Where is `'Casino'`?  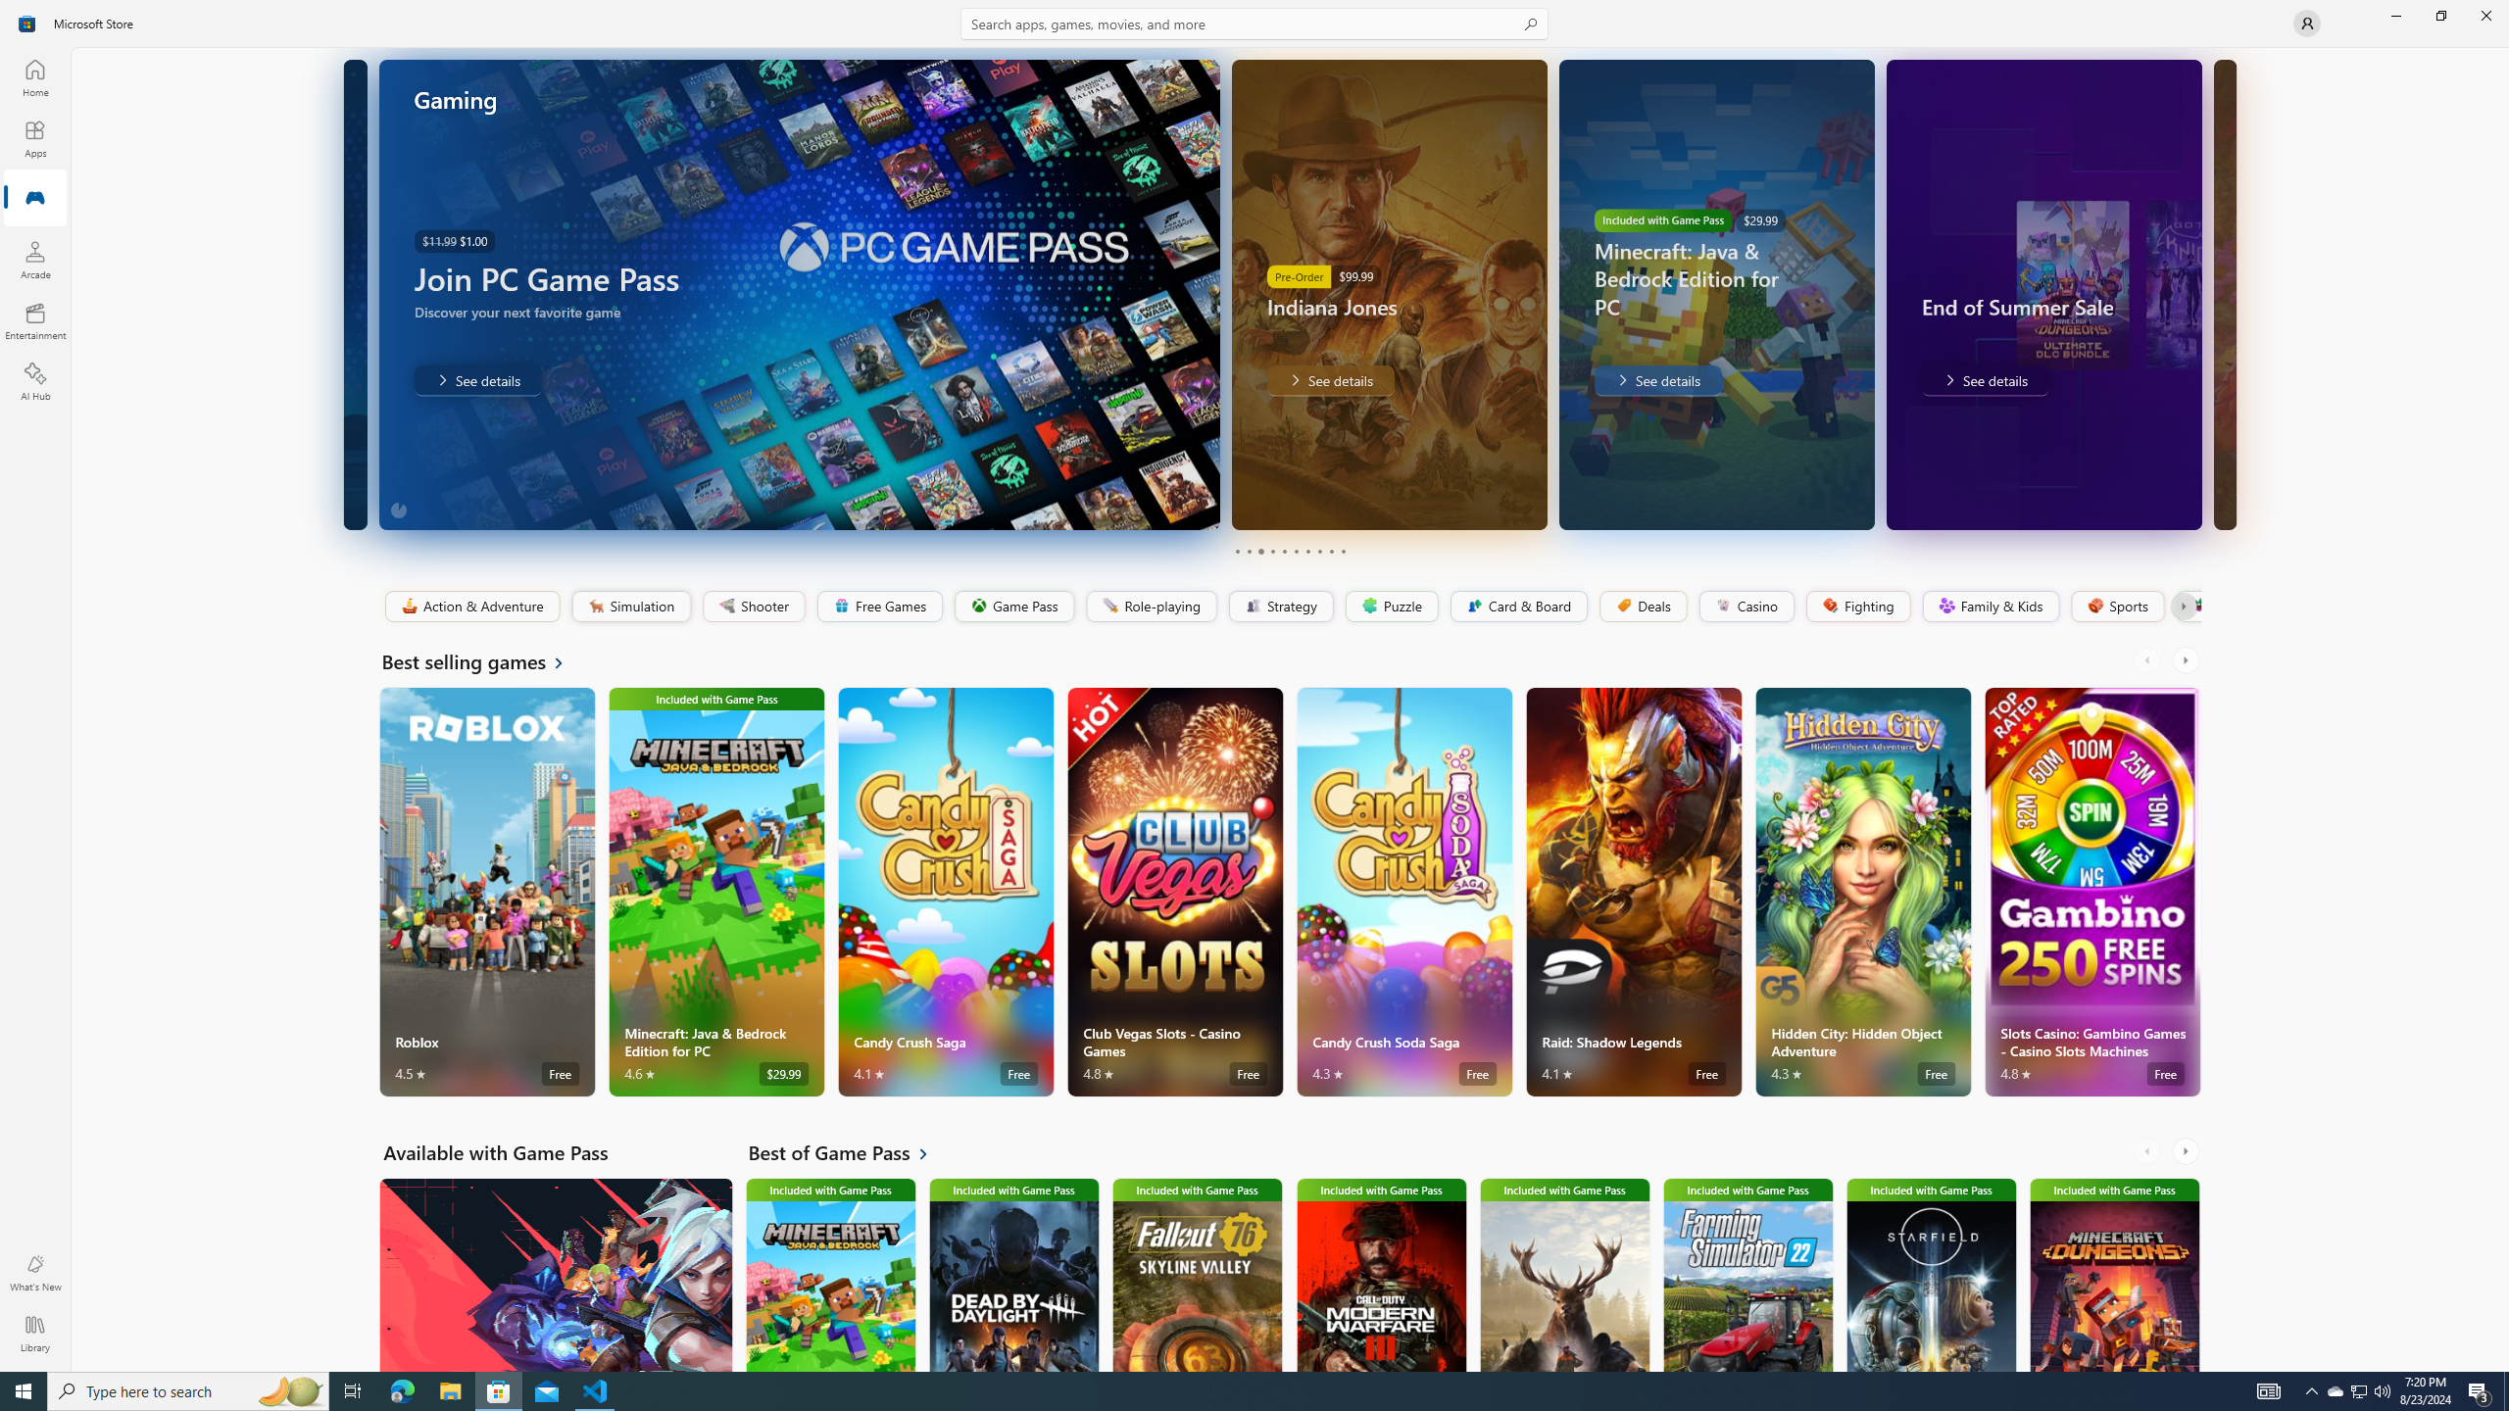
'Casino' is located at coordinates (1746, 606).